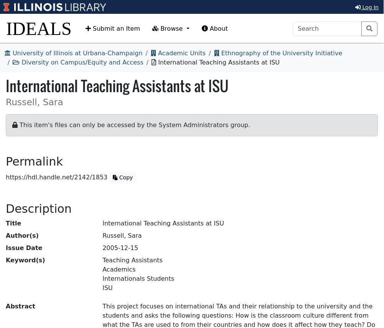  Describe the element at coordinates (20, 41) in the screenshot. I see `'Abstract'` at that location.